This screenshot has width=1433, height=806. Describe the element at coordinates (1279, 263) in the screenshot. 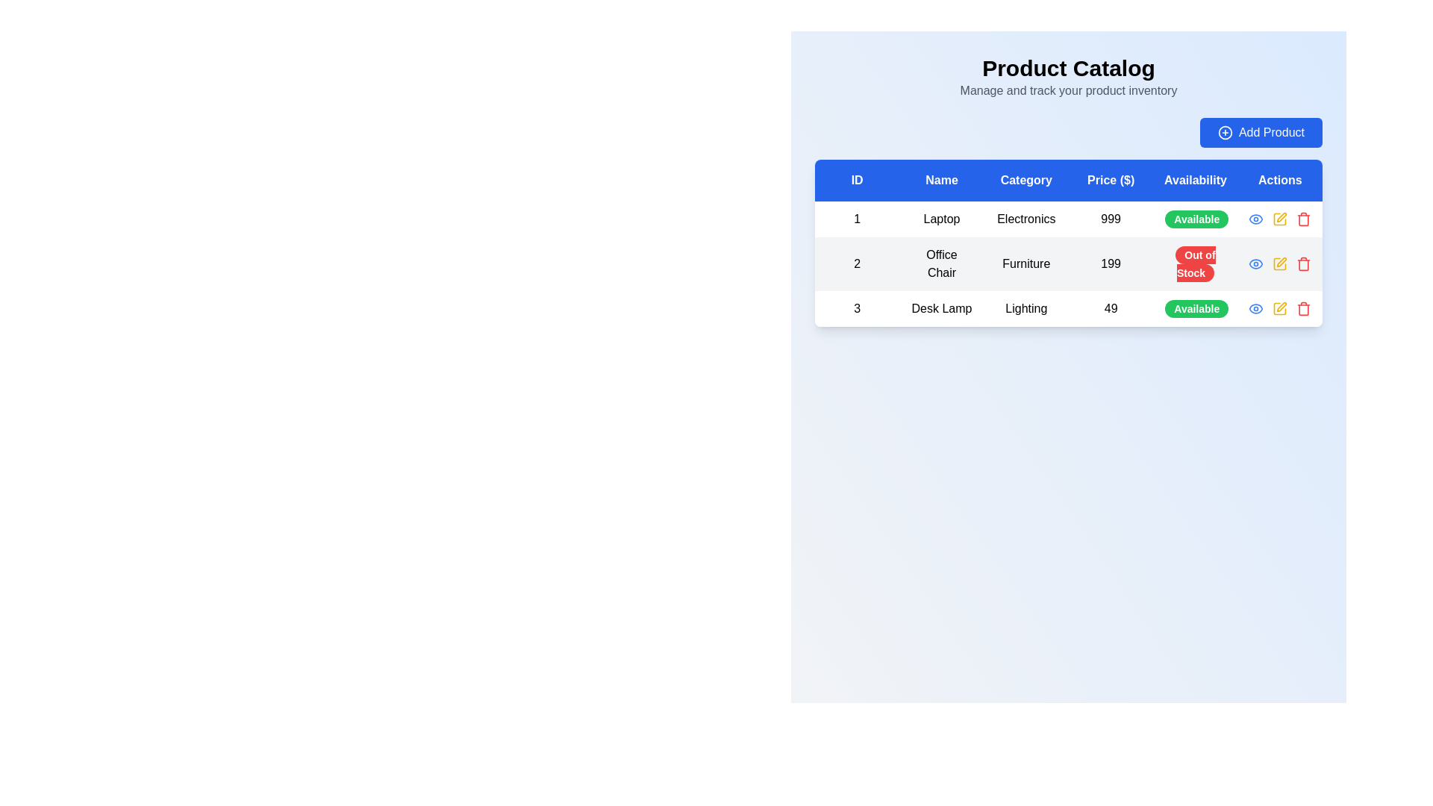

I see `the yellow square button with a pen icon in the 'Actions' column of the second row in the product table` at that location.